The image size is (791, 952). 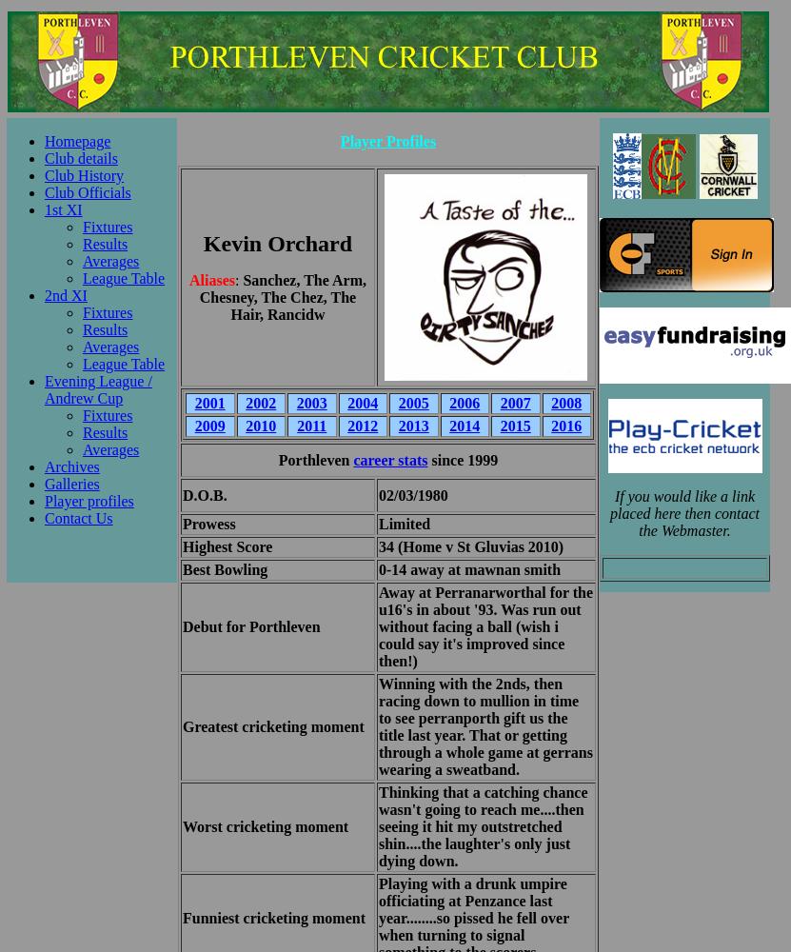 I want to click on 'Best Bowling', so click(x=224, y=568).